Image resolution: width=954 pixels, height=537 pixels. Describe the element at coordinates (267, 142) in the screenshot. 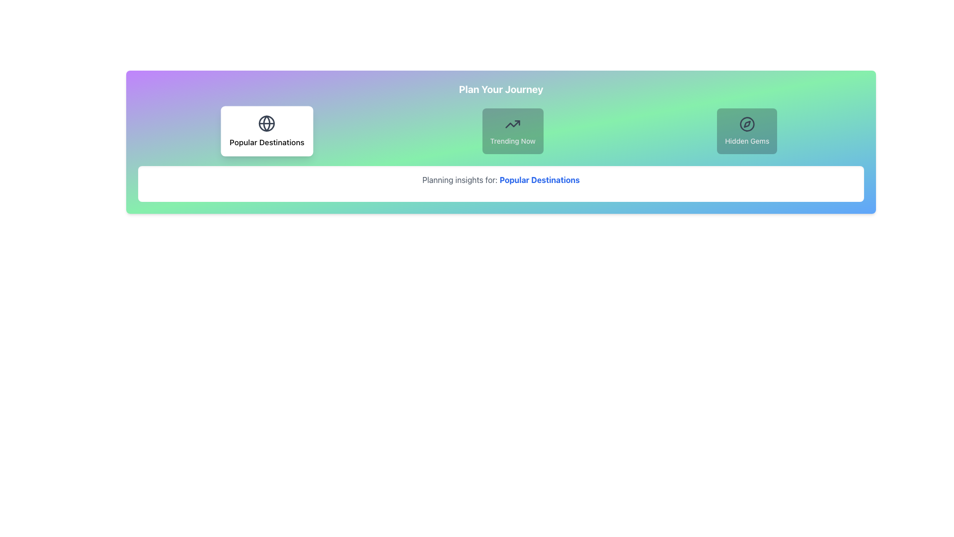

I see `the 'Popular Destinations' text label, which is styled with a small font size and medium weight, located below a globe icon in a white rounded card` at that location.